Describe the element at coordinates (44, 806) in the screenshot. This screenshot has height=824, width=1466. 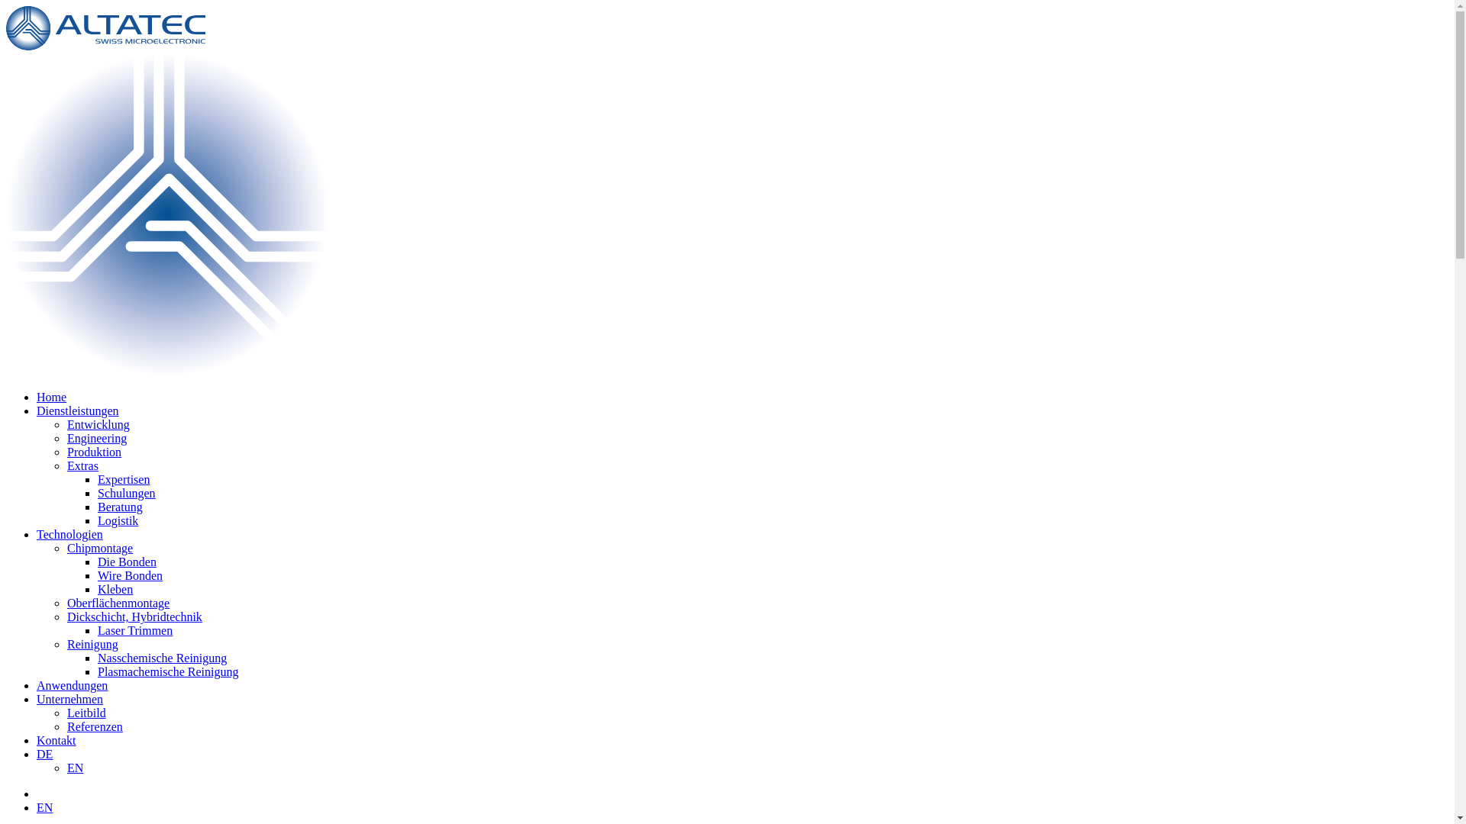
I see `'EN'` at that location.